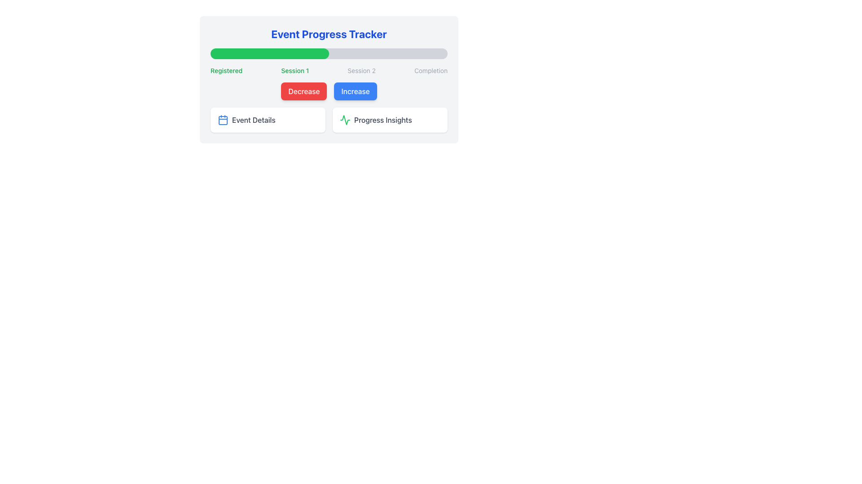 The width and height of the screenshot is (862, 484). Describe the element at coordinates (329, 91) in the screenshot. I see `the 'Increase' button in the button group, which is styled with a blue background and white text, to raise a value` at that location.